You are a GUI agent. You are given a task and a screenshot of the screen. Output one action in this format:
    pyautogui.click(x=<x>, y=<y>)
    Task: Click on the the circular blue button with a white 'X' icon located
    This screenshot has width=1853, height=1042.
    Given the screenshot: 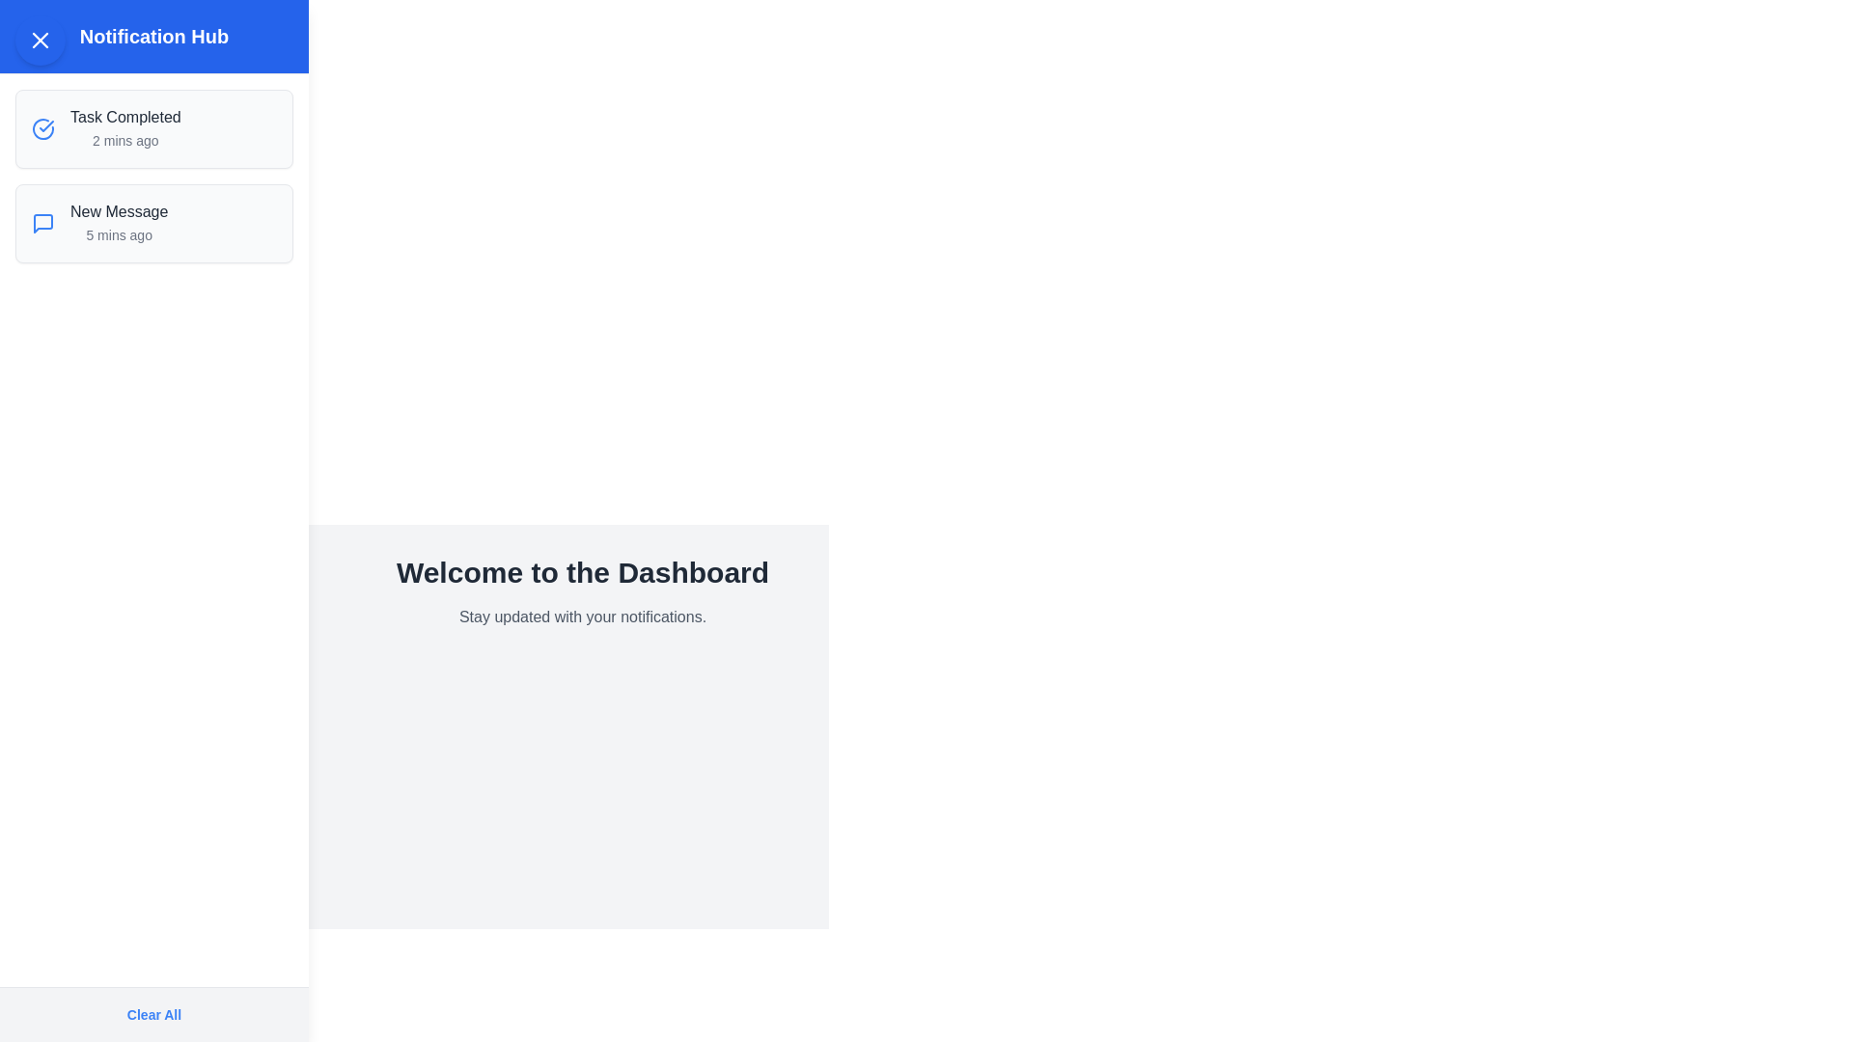 What is the action you would take?
    pyautogui.click(x=41, y=41)
    